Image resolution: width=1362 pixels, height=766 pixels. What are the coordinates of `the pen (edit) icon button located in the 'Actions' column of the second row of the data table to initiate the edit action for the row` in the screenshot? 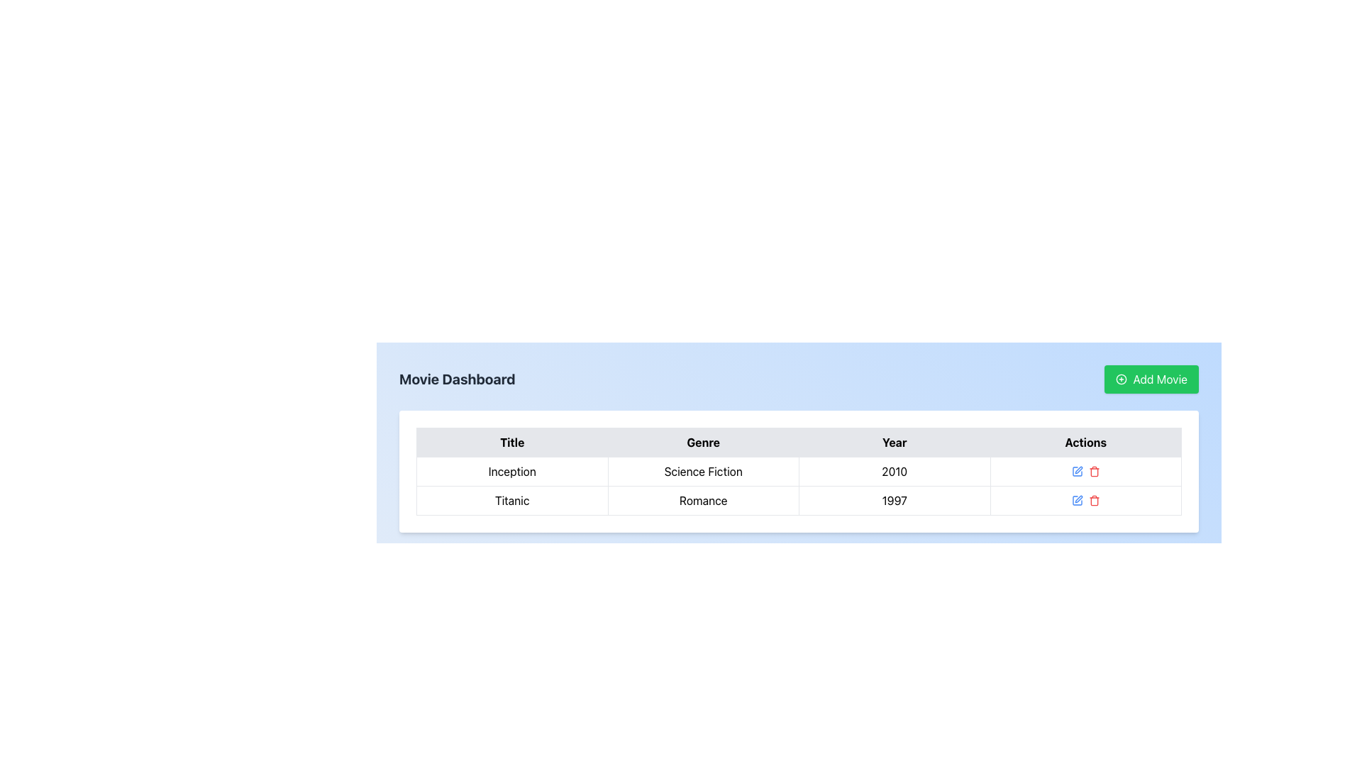 It's located at (1077, 471).